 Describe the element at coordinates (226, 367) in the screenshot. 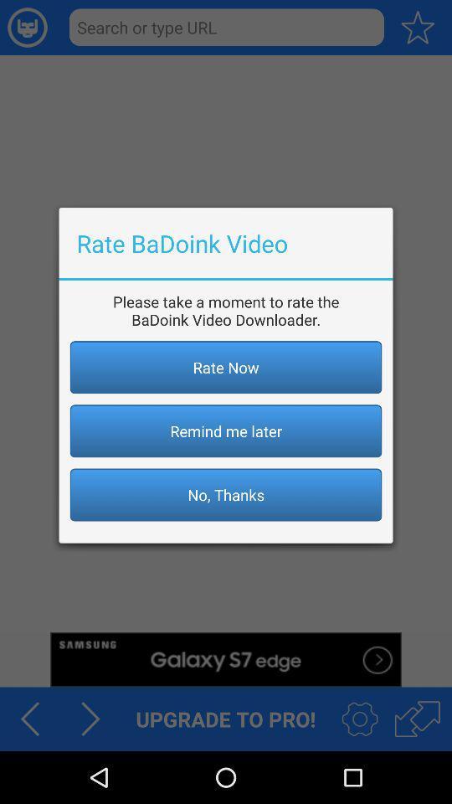

I see `the rate now` at that location.